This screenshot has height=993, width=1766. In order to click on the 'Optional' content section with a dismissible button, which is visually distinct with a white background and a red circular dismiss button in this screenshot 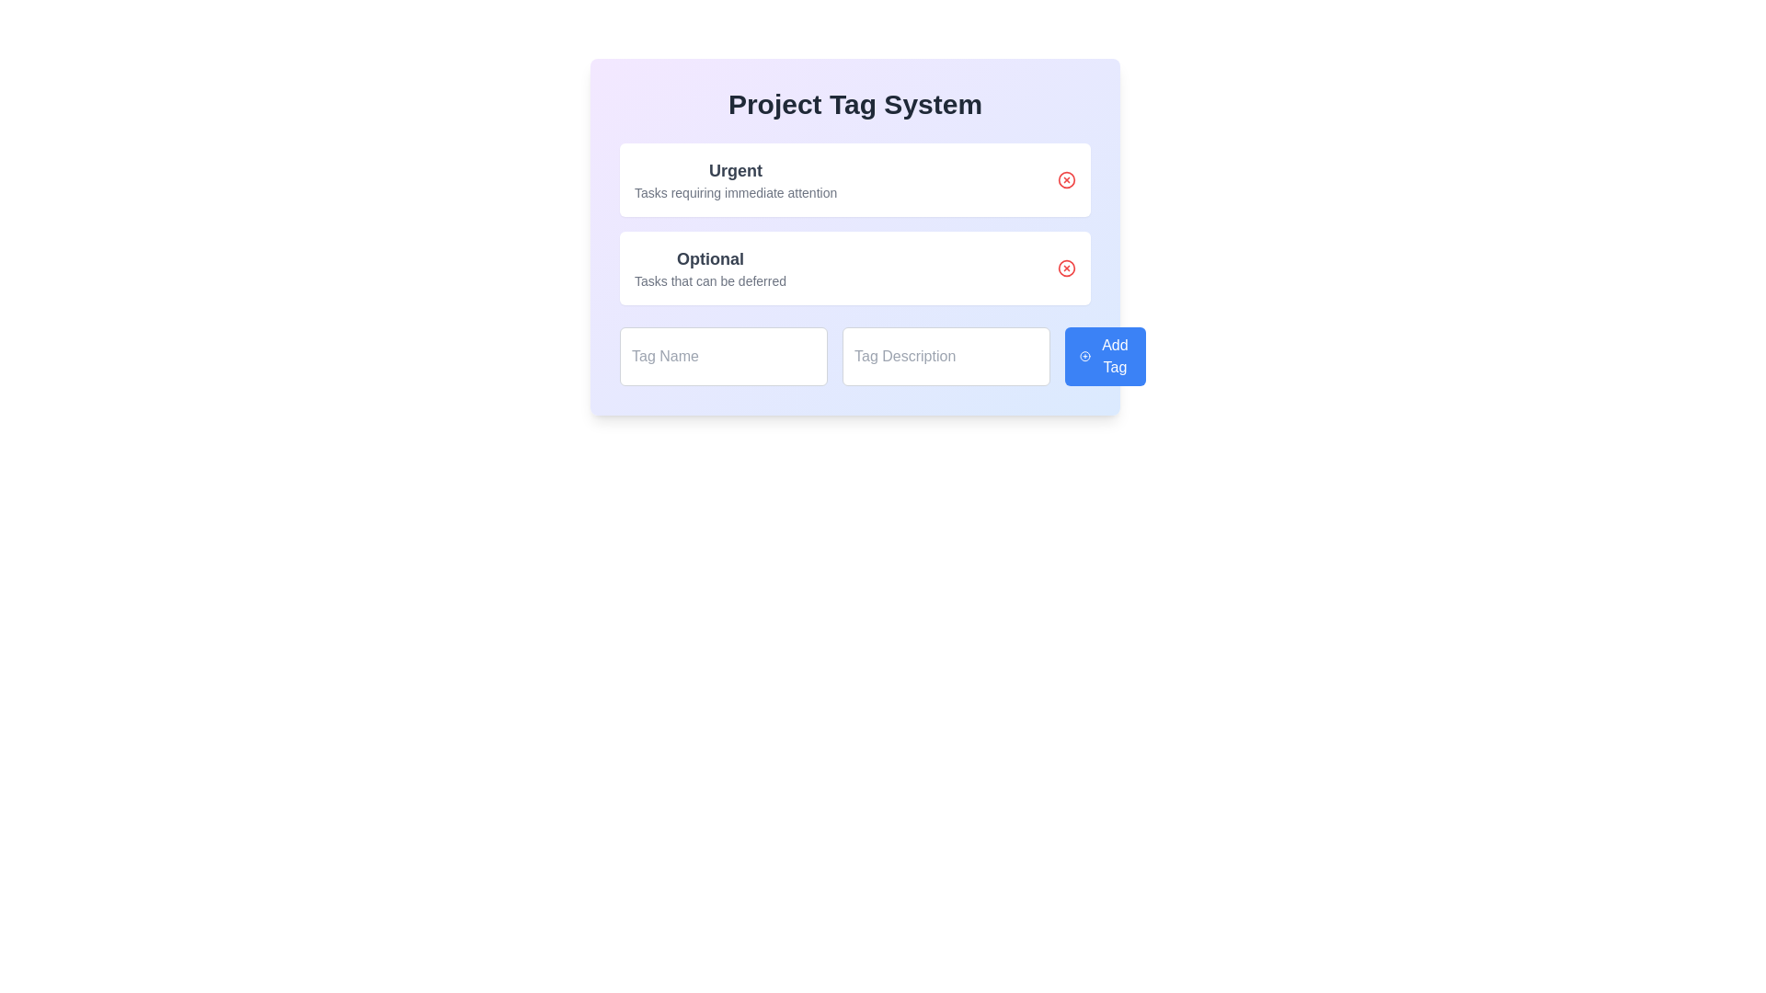, I will do `click(854, 236)`.